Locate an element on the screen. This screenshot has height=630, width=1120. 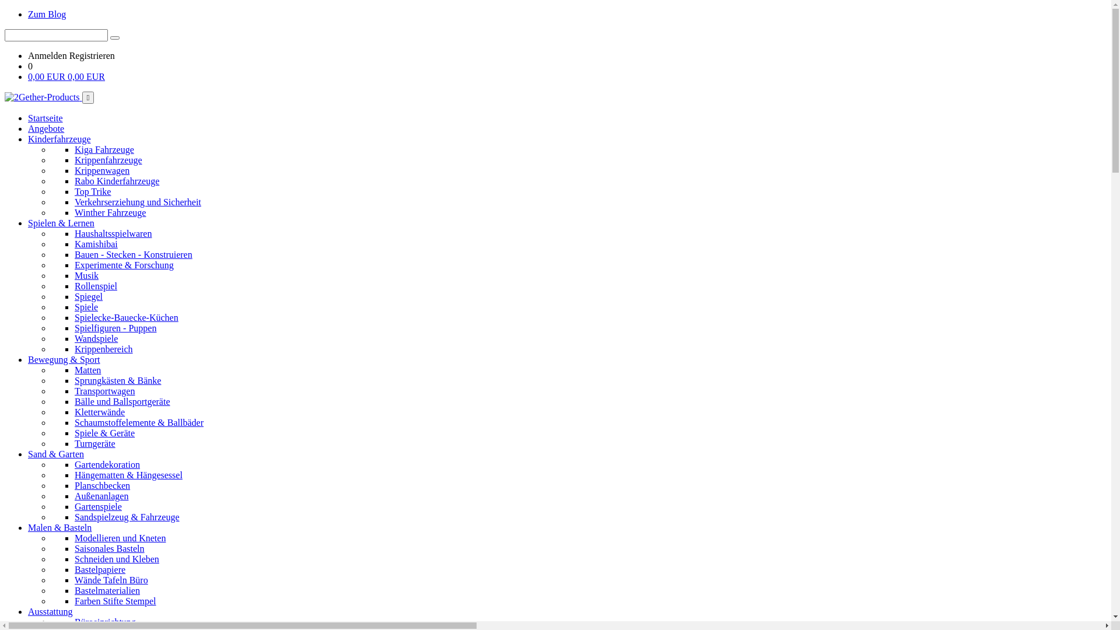
'Rollenspiel' is located at coordinates (74, 286).